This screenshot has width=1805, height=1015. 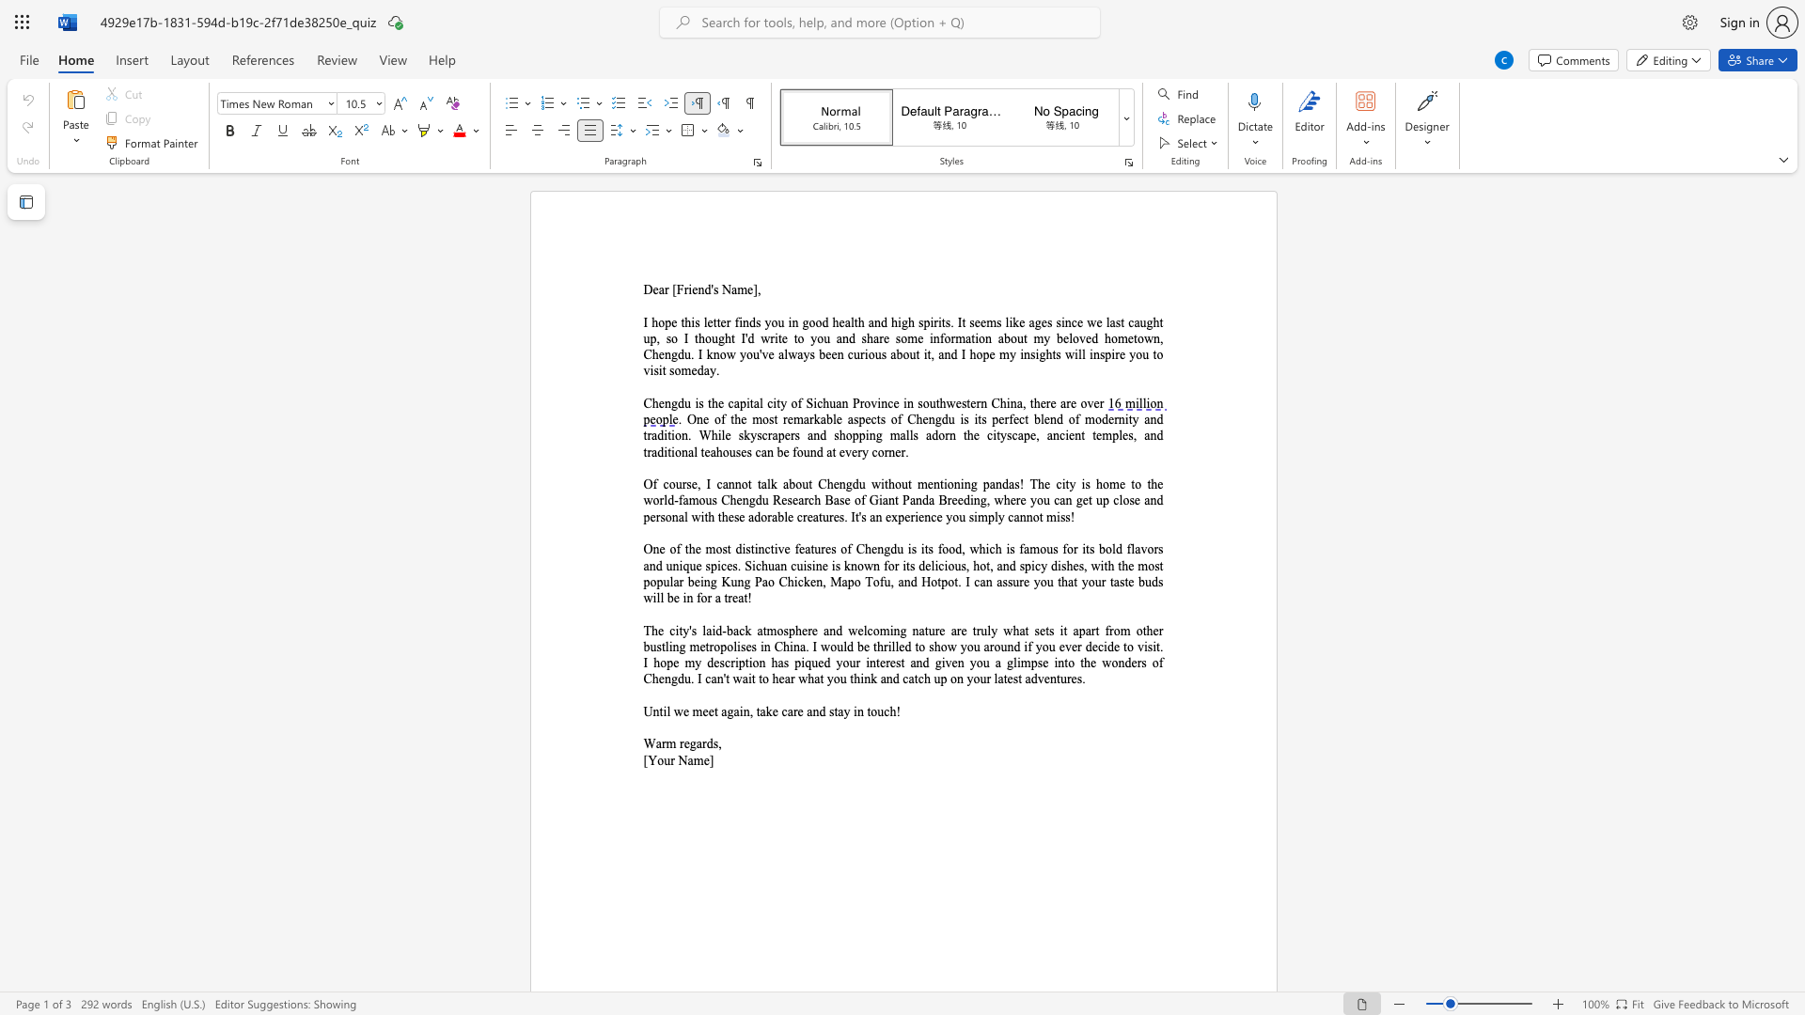 I want to click on the space between the continuous character "x" and "p" in the text, so click(x=897, y=517).